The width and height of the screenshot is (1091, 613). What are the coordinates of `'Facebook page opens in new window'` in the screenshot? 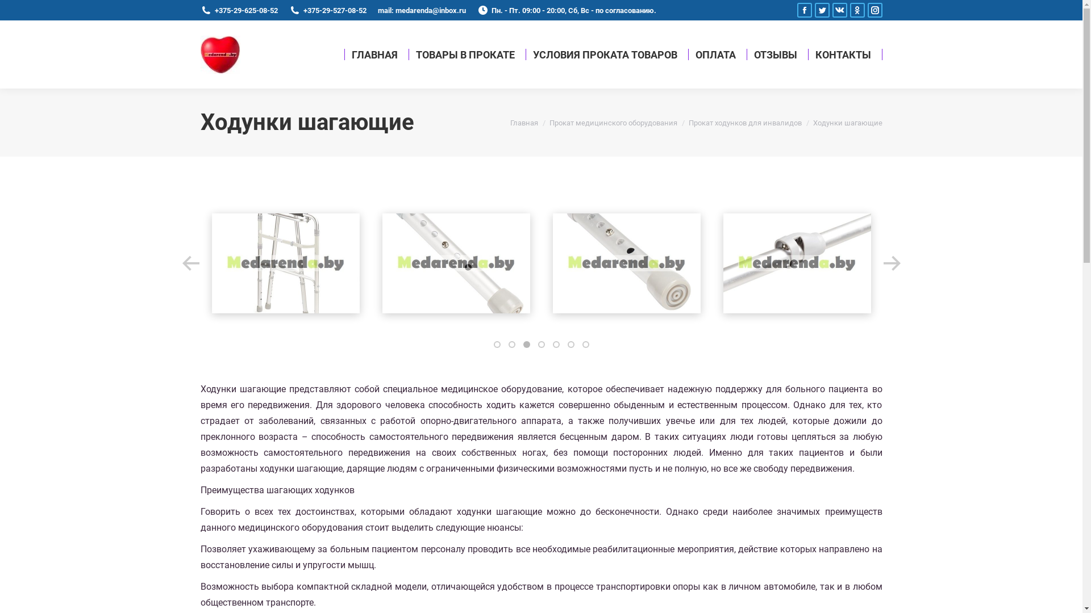 It's located at (803, 10).